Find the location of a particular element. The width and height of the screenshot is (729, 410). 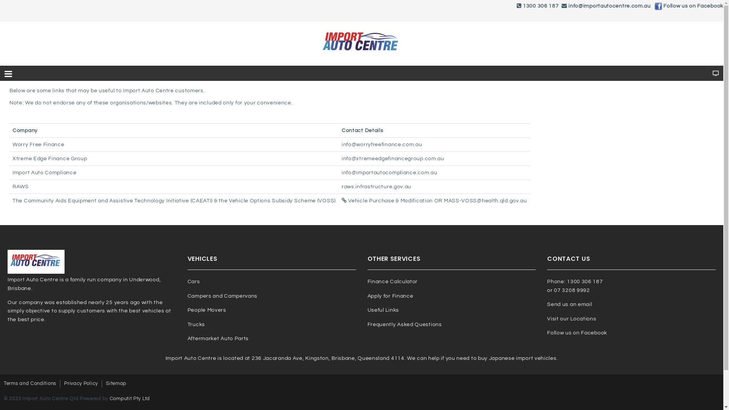

'info@worryfreefinance.com.au' is located at coordinates (382, 145).